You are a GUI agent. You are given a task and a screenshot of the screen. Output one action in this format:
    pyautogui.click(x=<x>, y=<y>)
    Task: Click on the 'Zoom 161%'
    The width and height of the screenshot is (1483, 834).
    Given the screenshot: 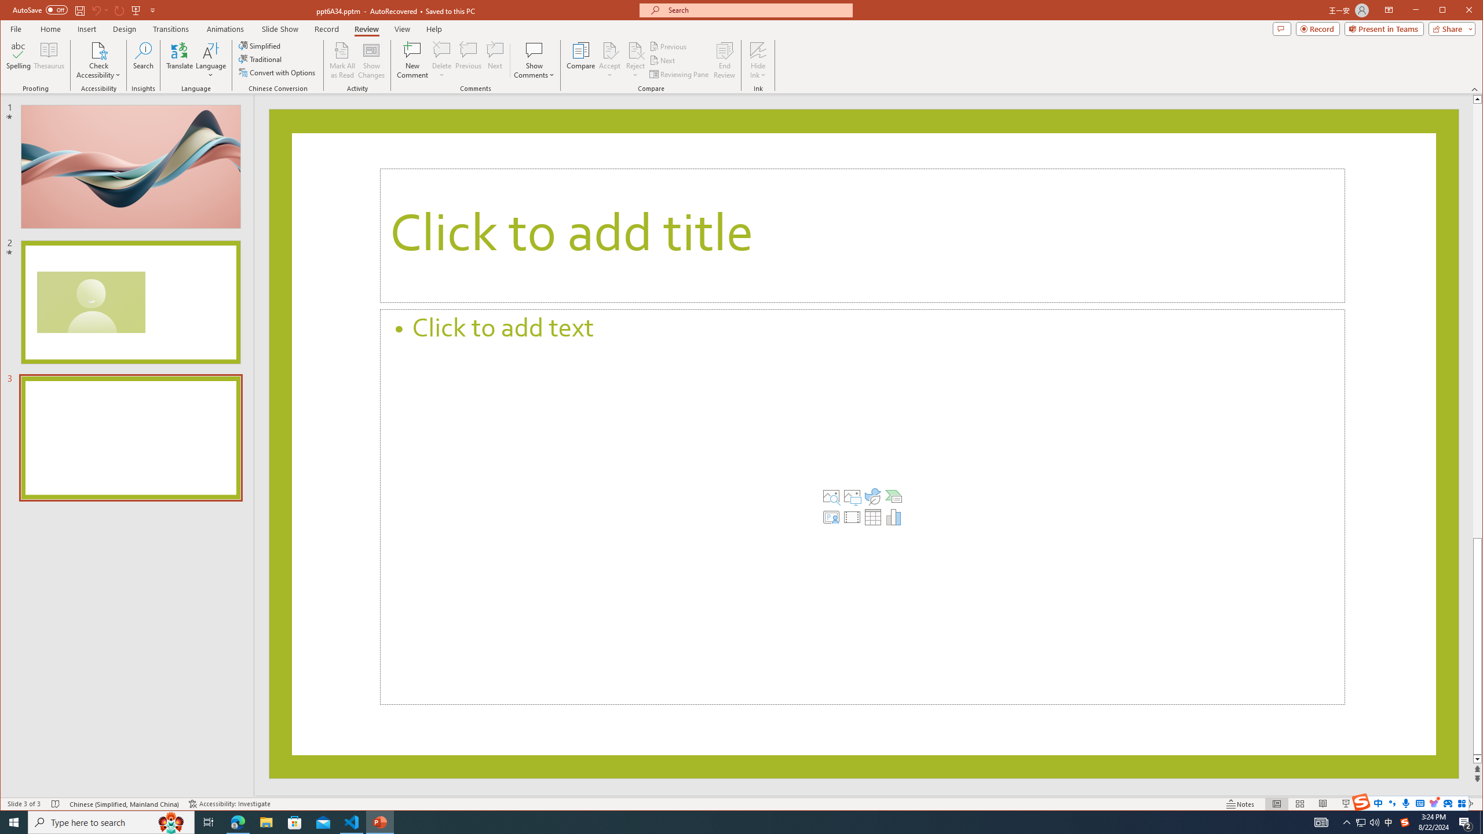 What is the action you would take?
    pyautogui.click(x=1449, y=803)
    